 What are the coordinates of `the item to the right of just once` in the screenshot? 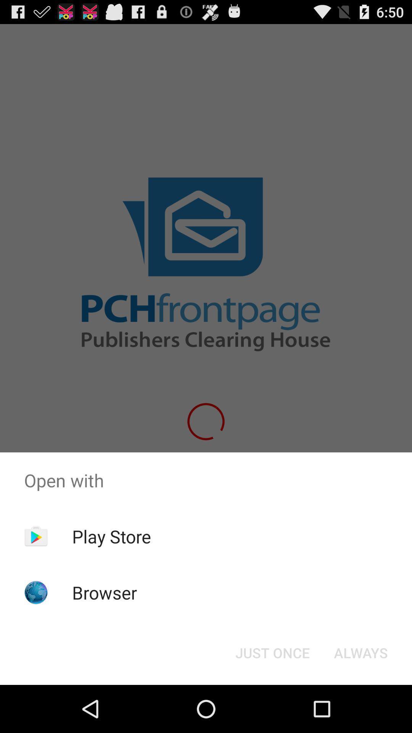 It's located at (360, 652).